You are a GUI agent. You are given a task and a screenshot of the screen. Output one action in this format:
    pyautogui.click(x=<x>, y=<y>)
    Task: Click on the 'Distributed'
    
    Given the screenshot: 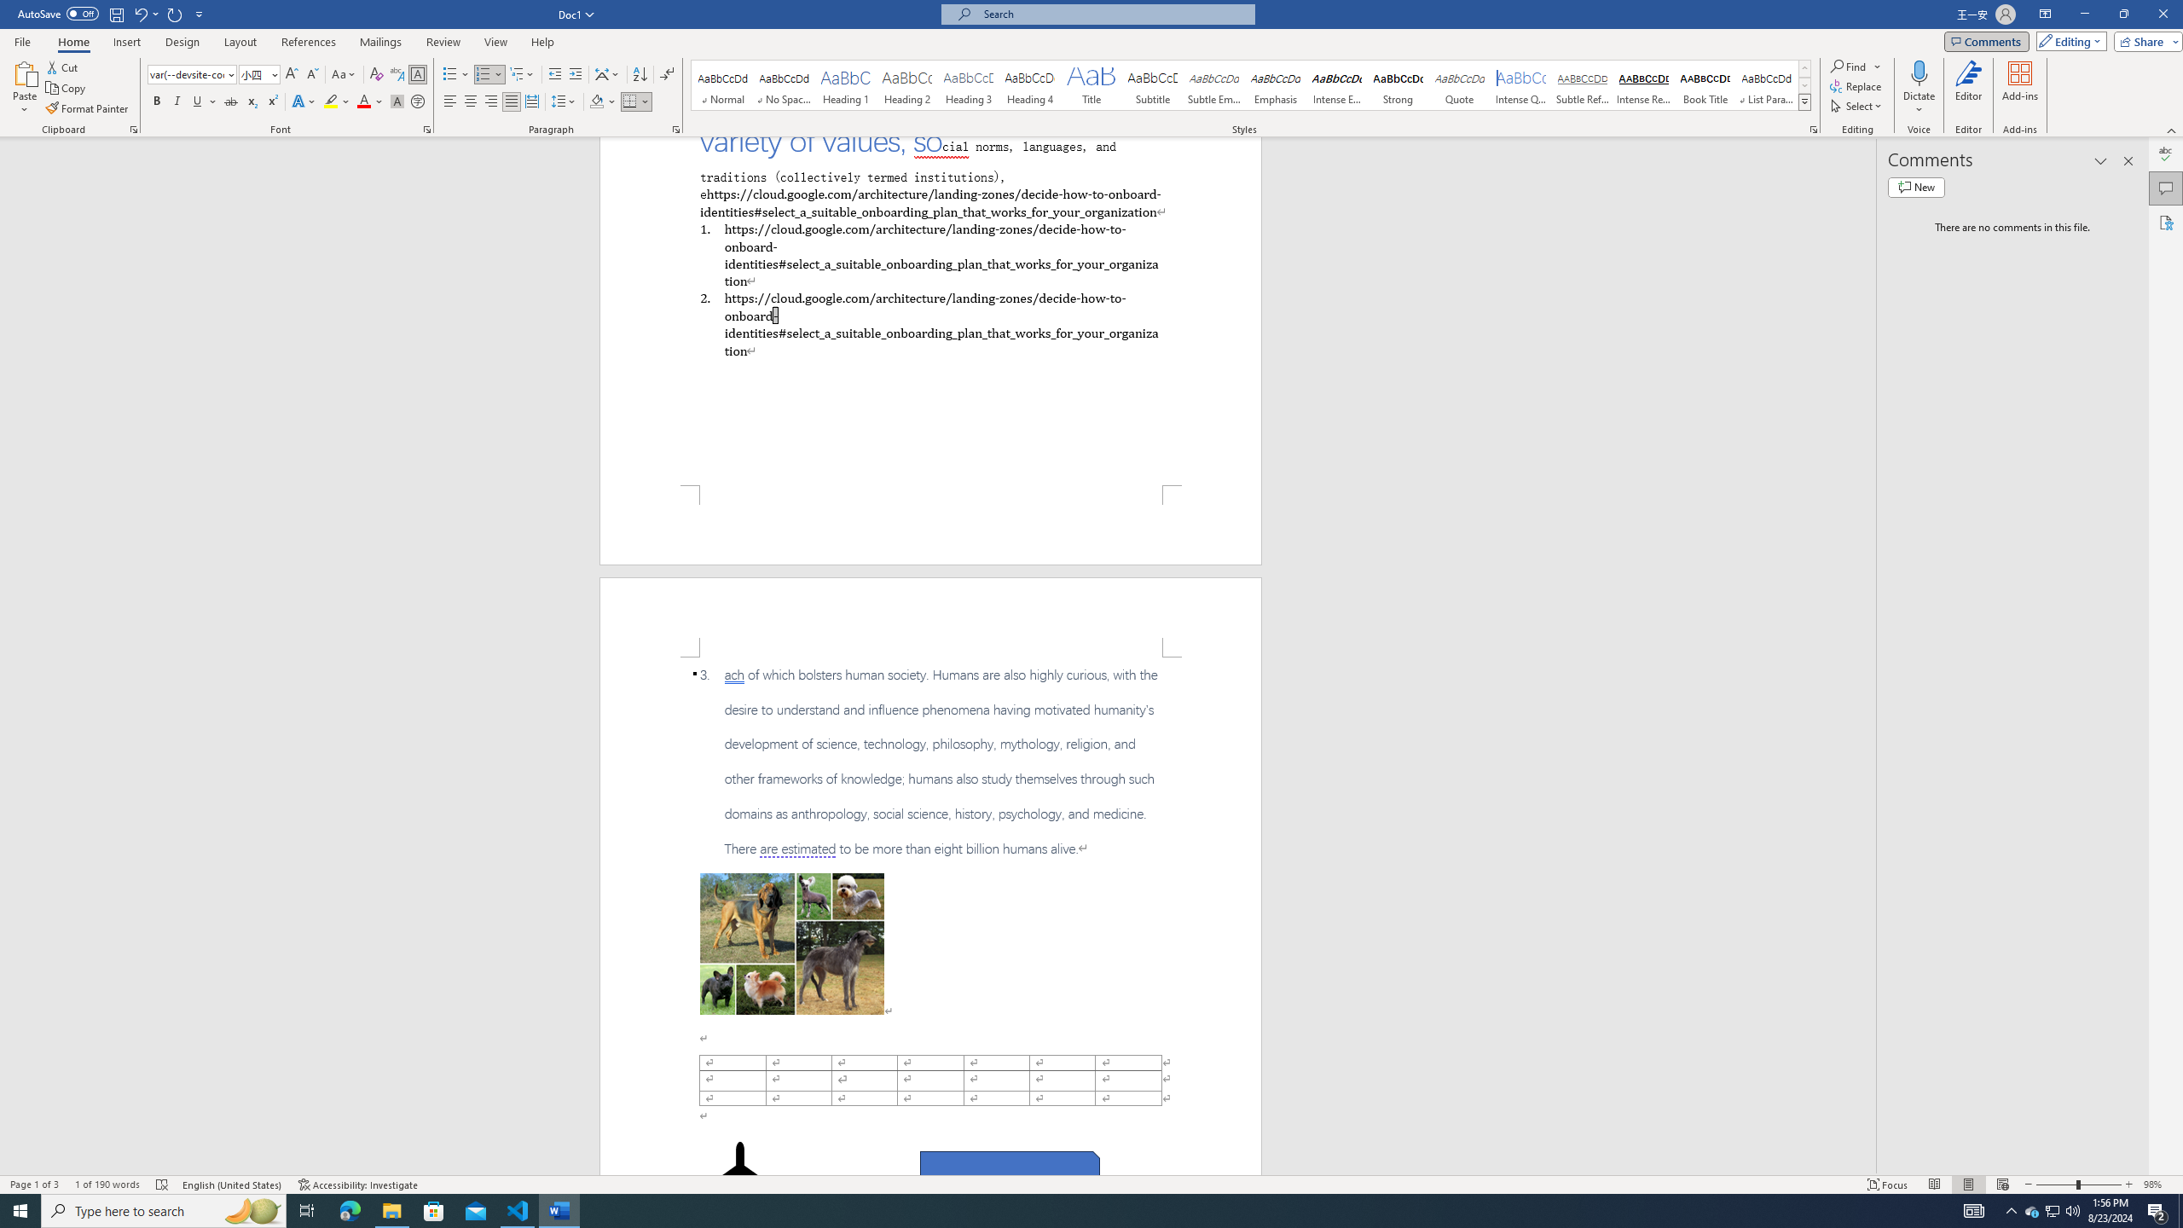 What is the action you would take?
    pyautogui.click(x=531, y=101)
    